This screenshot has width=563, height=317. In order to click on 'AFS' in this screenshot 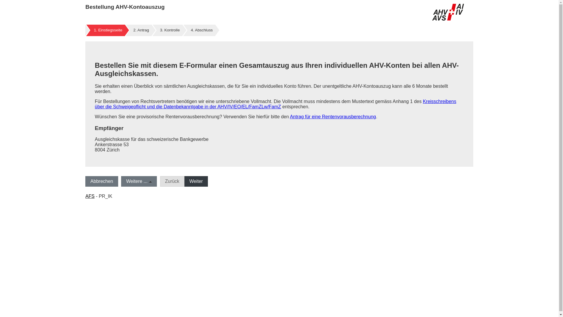, I will do `click(89, 196)`.